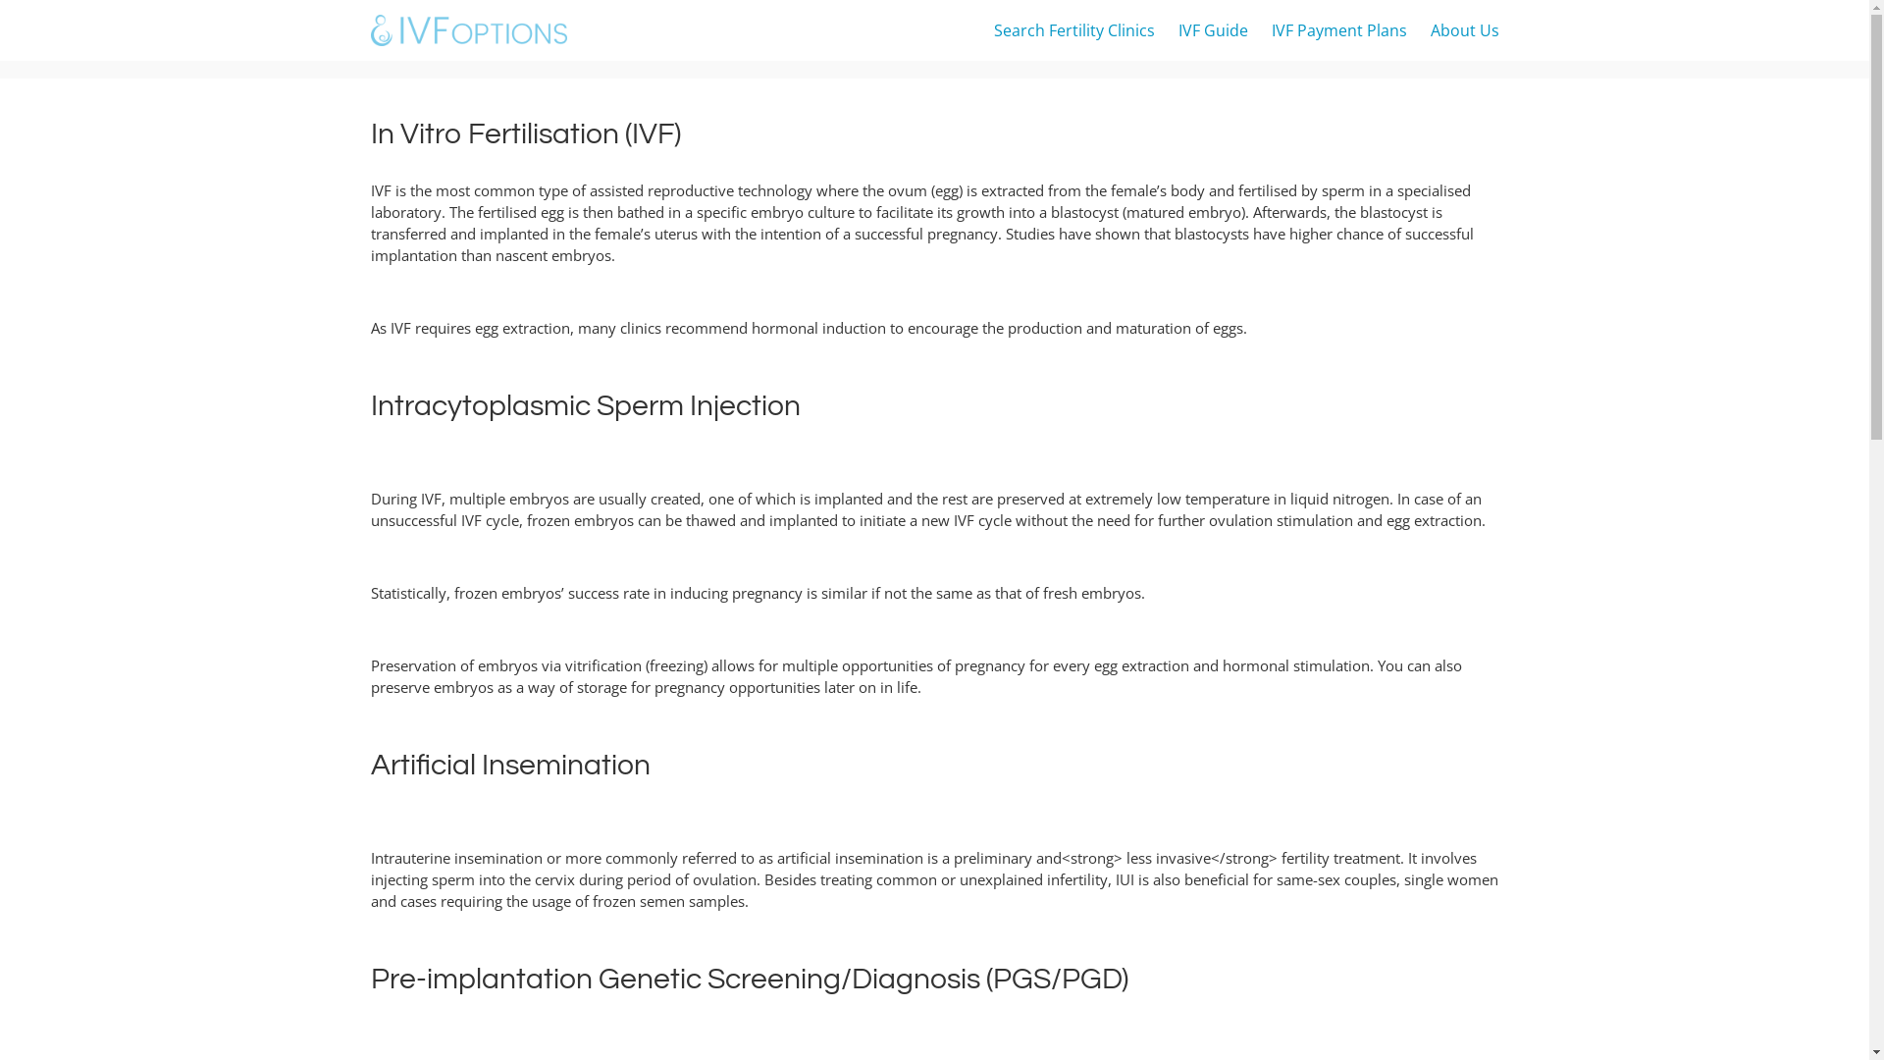  What do you see at coordinates (1211, 29) in the screenshot?
I see `'IVF Guide'` at bounding box center [1211, 29].